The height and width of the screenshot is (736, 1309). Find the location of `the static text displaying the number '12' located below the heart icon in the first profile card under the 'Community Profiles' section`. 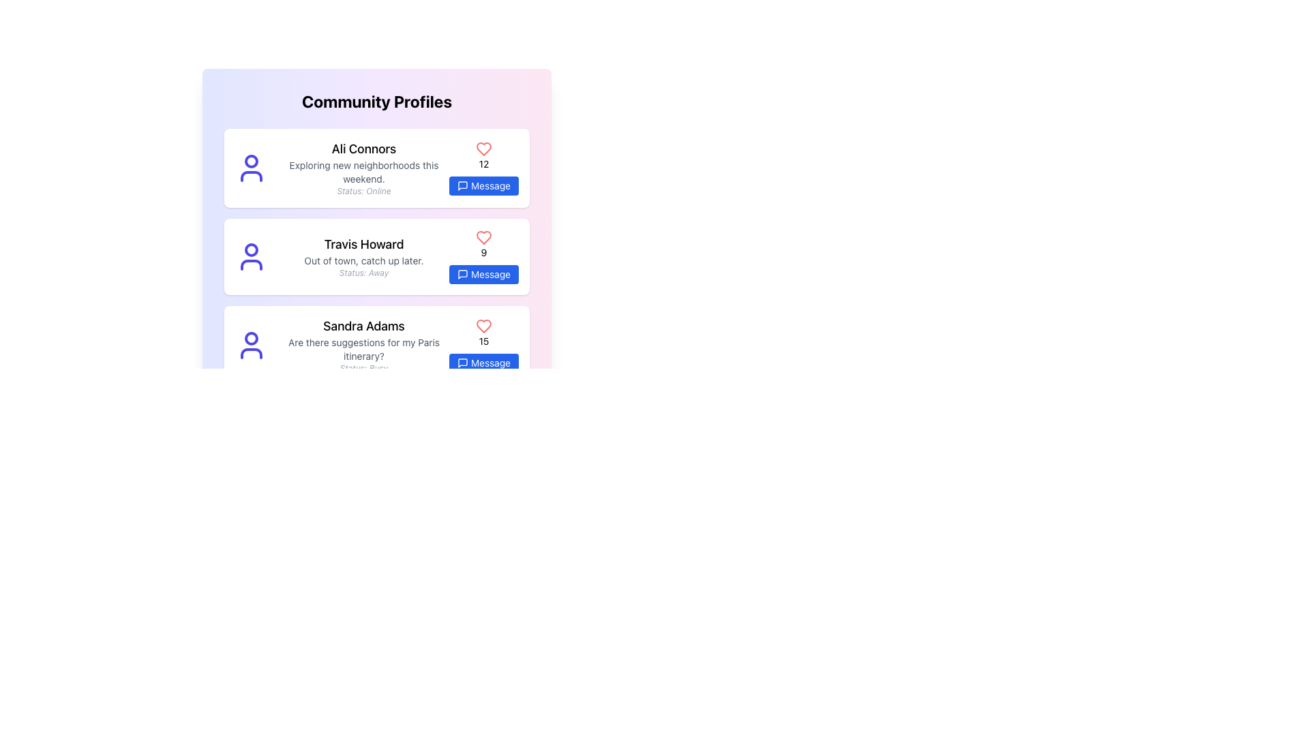

the static text displaying the number '12' located below the heart icon in the first profile card under the 'Community Profiles' section is located at coordinates (484, 163).